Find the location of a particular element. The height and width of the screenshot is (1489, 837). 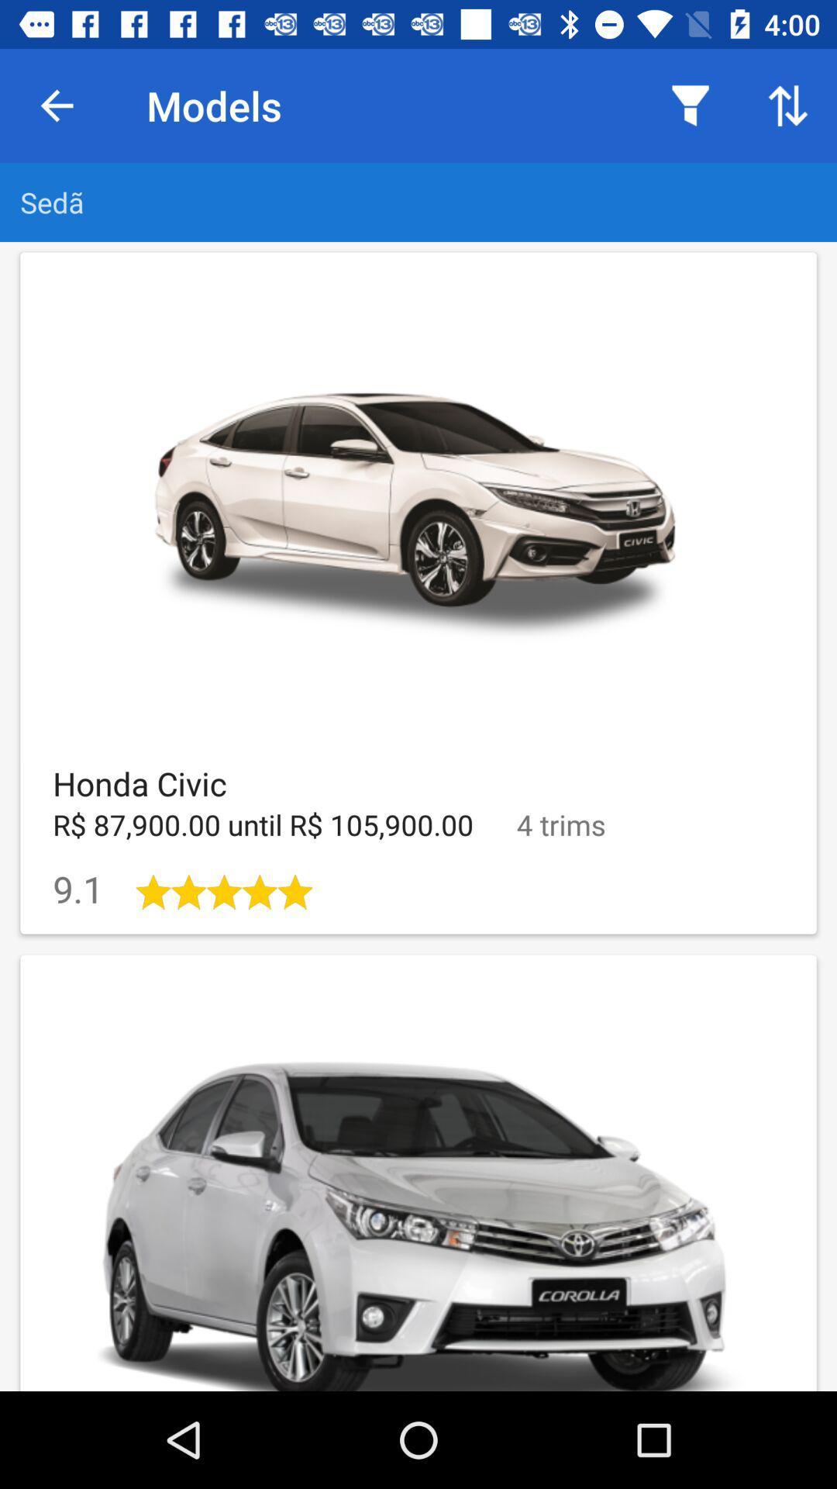

the second image is located at coordinates (418, 1173).